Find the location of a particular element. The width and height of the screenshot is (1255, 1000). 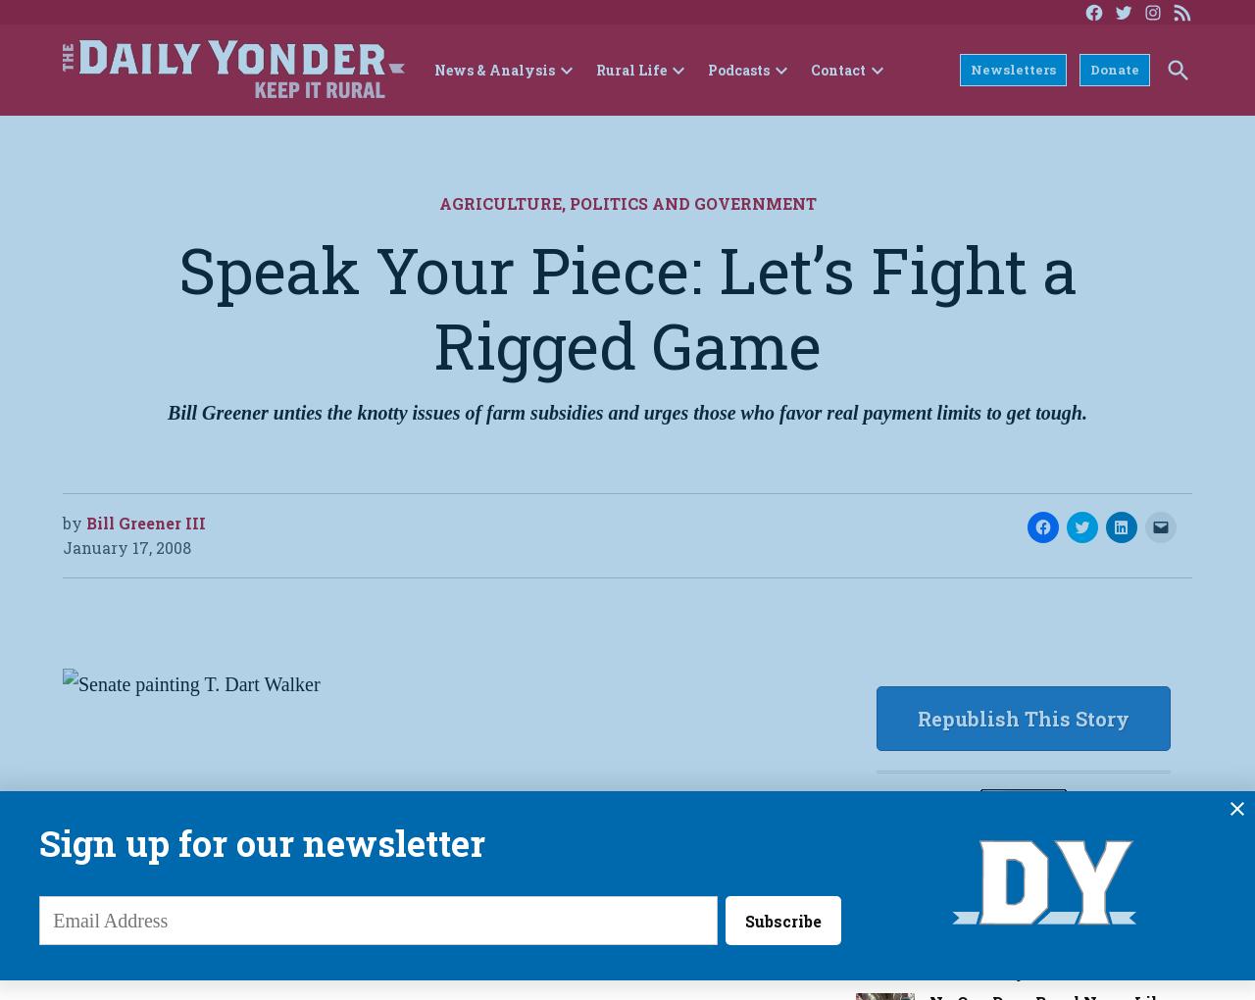

'No results found' is located at coordinates (197, 131).